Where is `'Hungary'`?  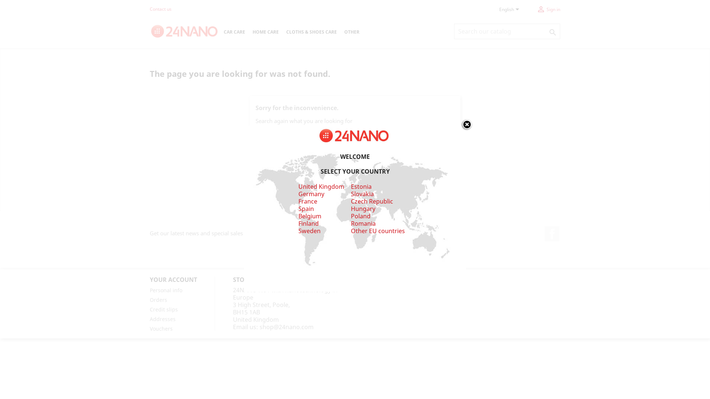 'Hungary' is located at coordinates (363, 208).